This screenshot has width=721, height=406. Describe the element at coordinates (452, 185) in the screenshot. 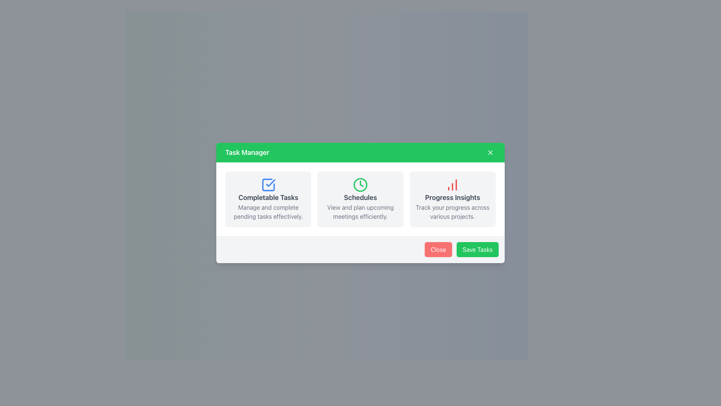

I see `the progress indicator icon located at the top center of the 'Progress Insights' card` at that location.